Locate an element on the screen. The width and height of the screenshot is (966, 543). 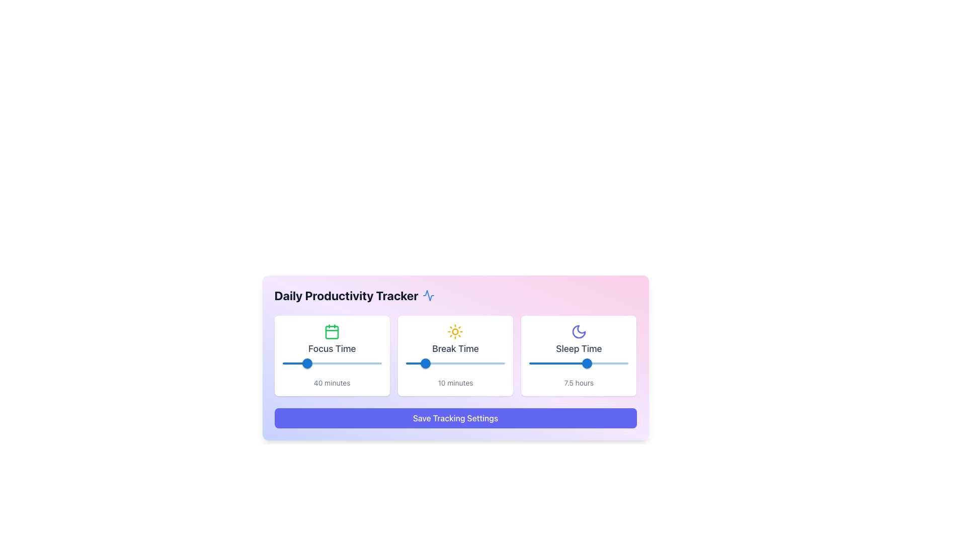
the focus time is located at coordinates (351, 363).